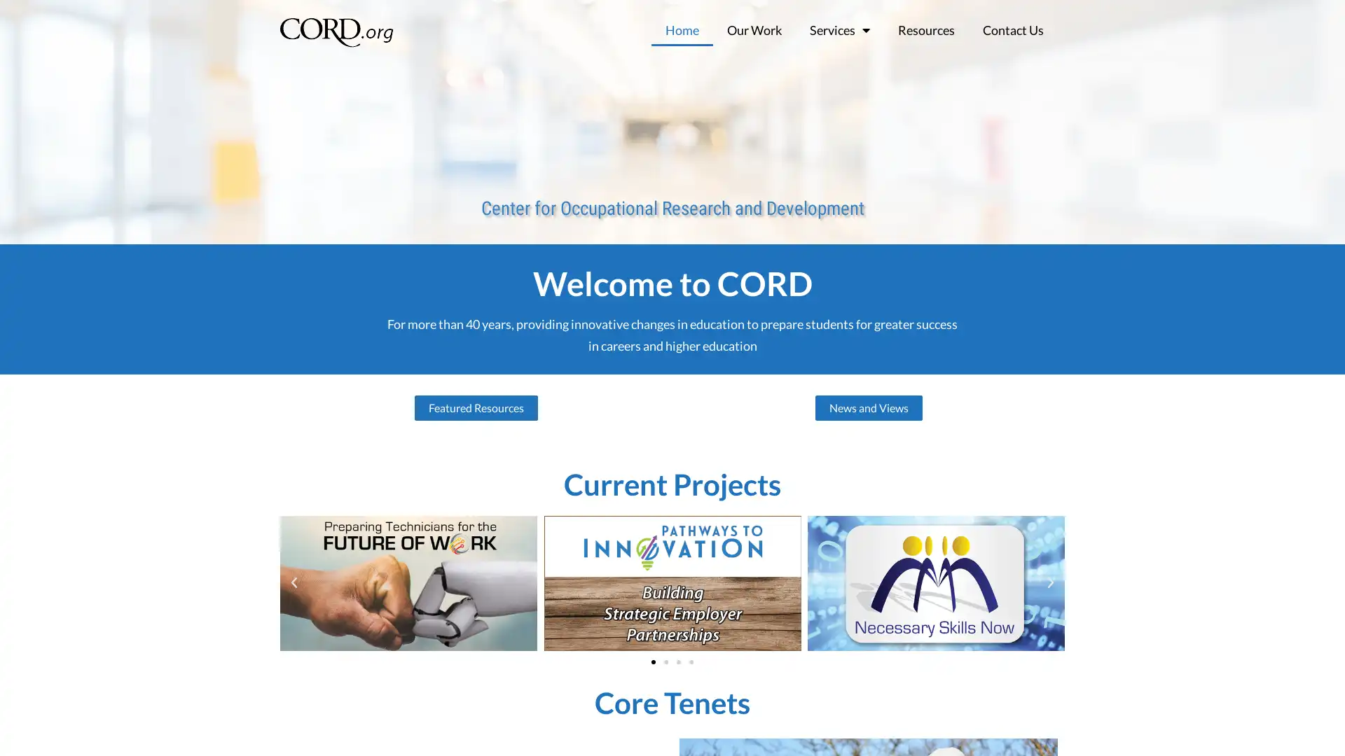  Describe the element at coordinates (665, 661) in the screenshot. I see `Go to slide 2` at that location.